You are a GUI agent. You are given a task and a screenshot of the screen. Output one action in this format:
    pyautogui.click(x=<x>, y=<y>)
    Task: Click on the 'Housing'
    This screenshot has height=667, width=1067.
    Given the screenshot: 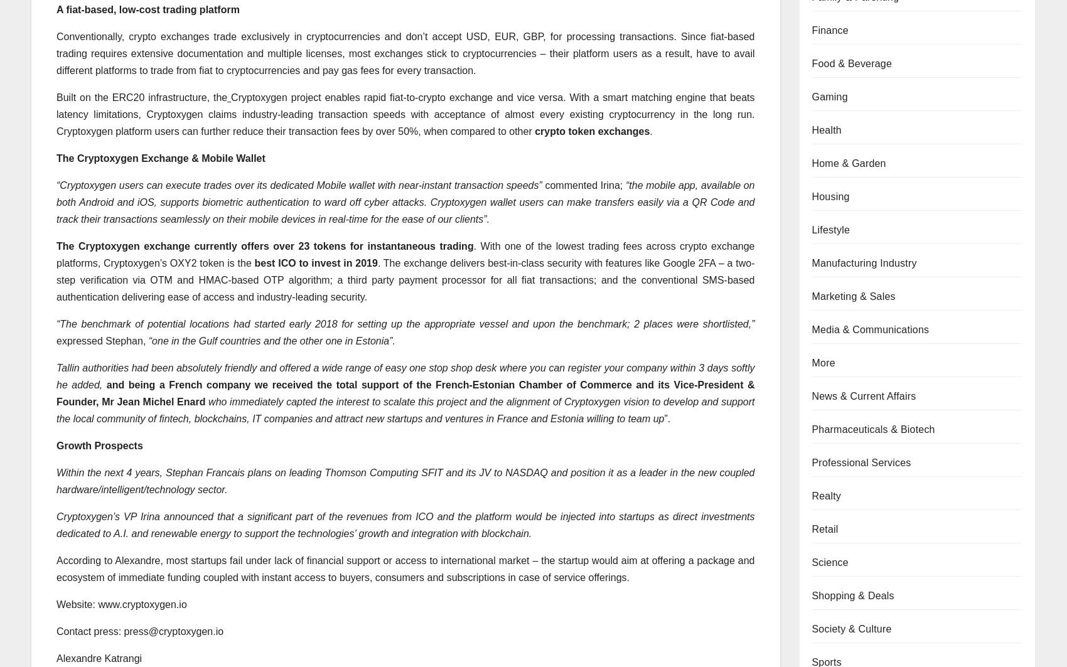 What is the action you would take?
    pyautogui.click(x=830, y=196)
    